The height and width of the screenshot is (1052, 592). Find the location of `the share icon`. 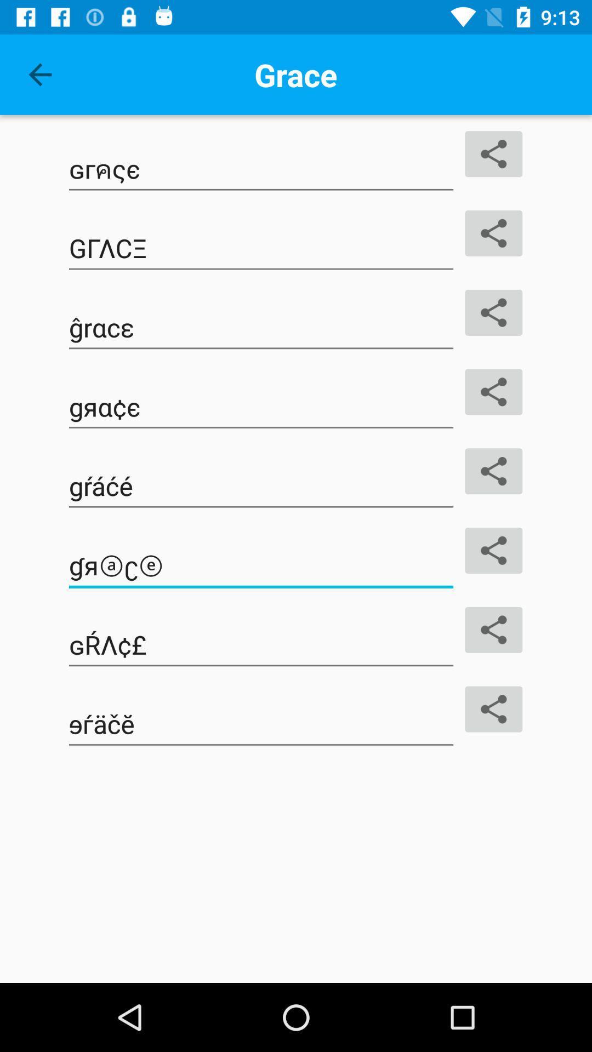

the share icon is located at coordinates (493, 471).